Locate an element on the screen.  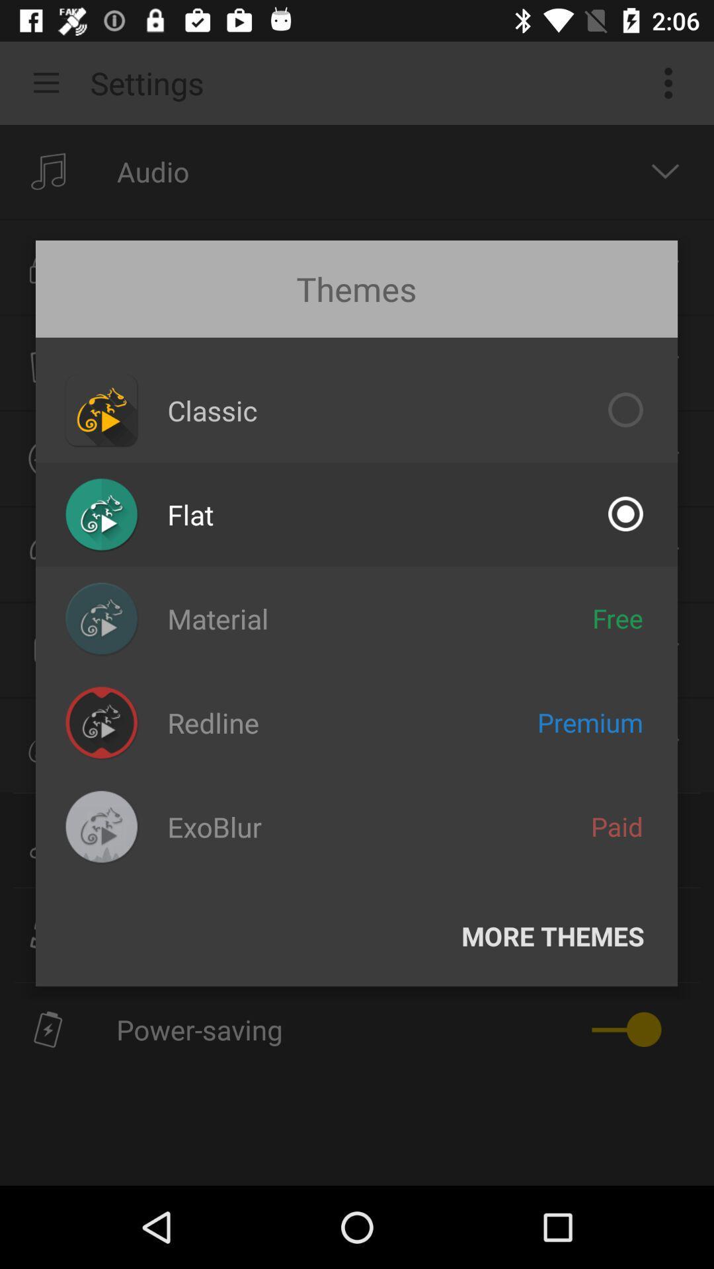
item above premium icon is located at coordinates (617, 617).